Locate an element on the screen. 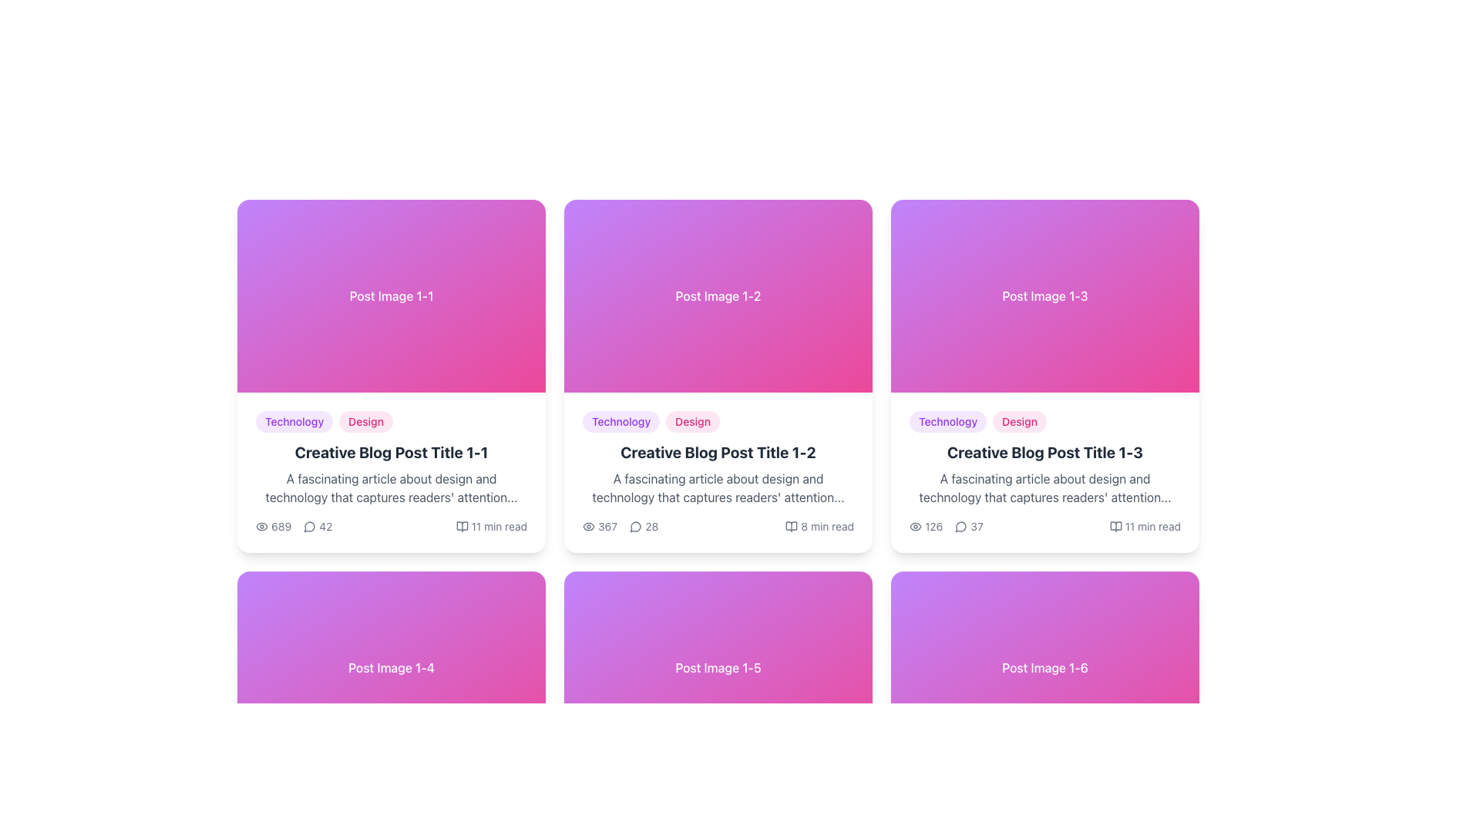 Image resolution: width=1480 pixels, height=833 pixels. the rectangular graphical block styled with a gradient from purple to pink that contains the centered white text 'Post Image 1-3.' is located at coordinates (1045, 296).